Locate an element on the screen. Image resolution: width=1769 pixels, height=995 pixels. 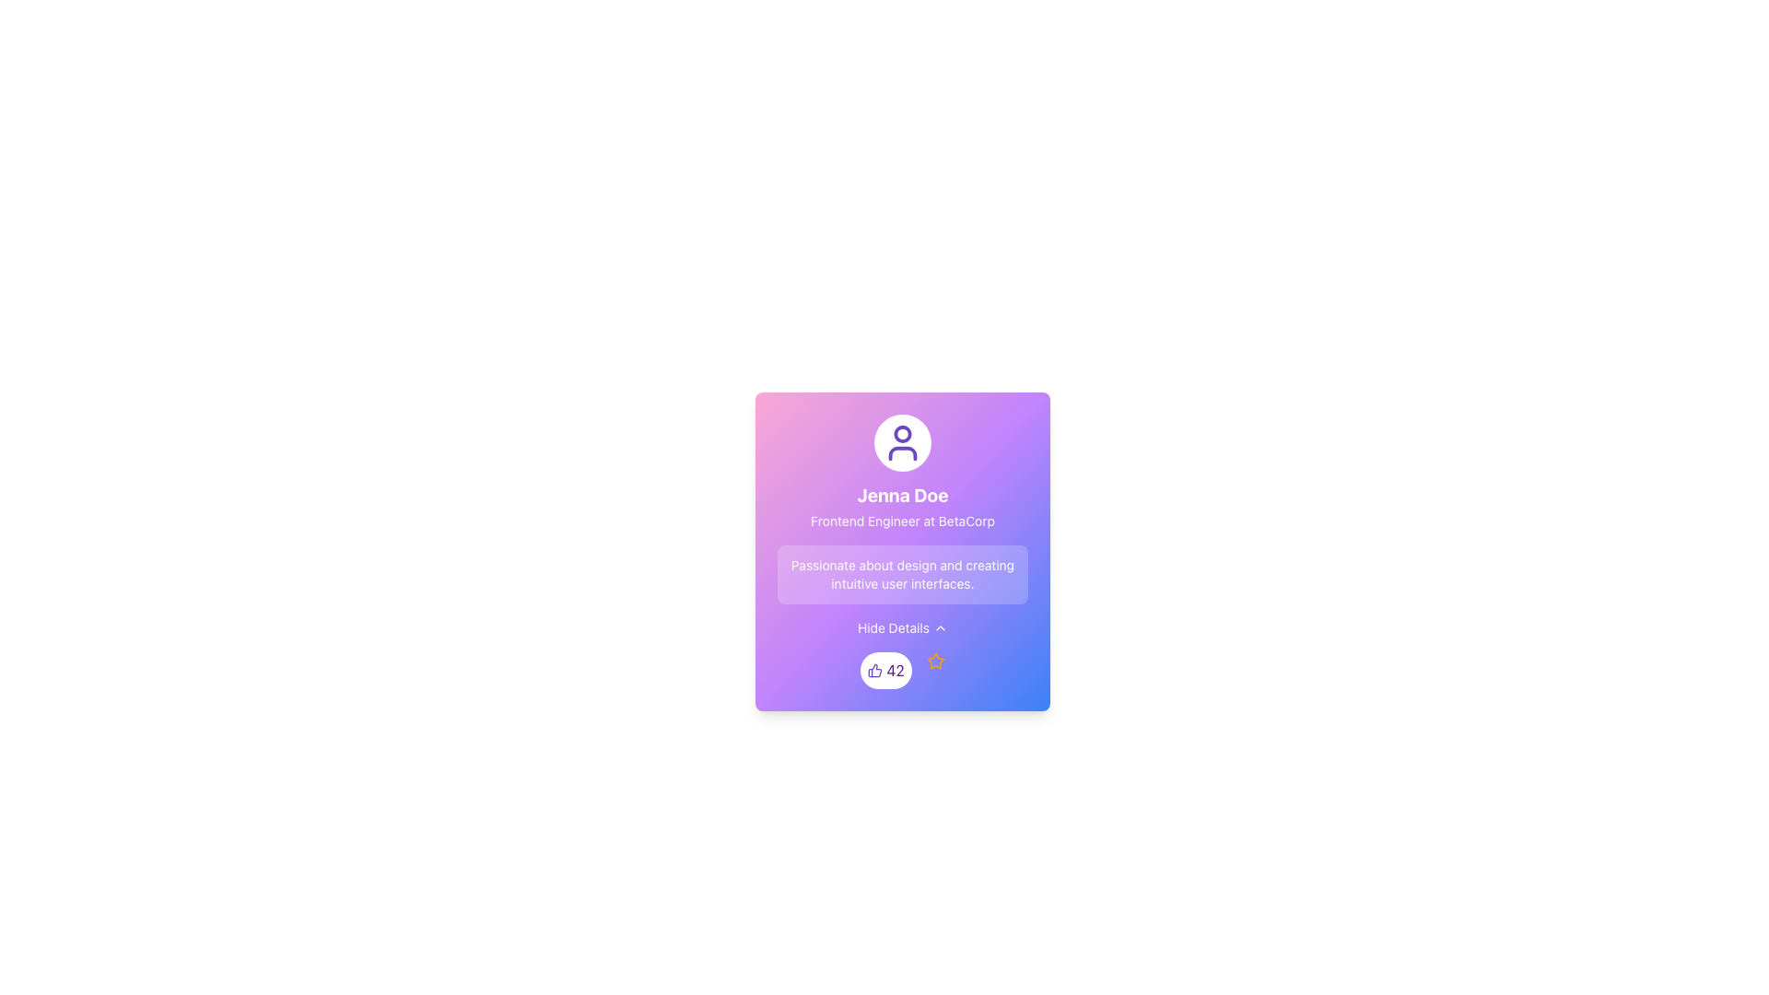
the text block that reads 'Passionate about design and creating intuitive user interfaces.' located beneath the 'Frontend Engineer at BetaCorp' text and above the 'Hide Details' text is located at coordinates (902, 574).